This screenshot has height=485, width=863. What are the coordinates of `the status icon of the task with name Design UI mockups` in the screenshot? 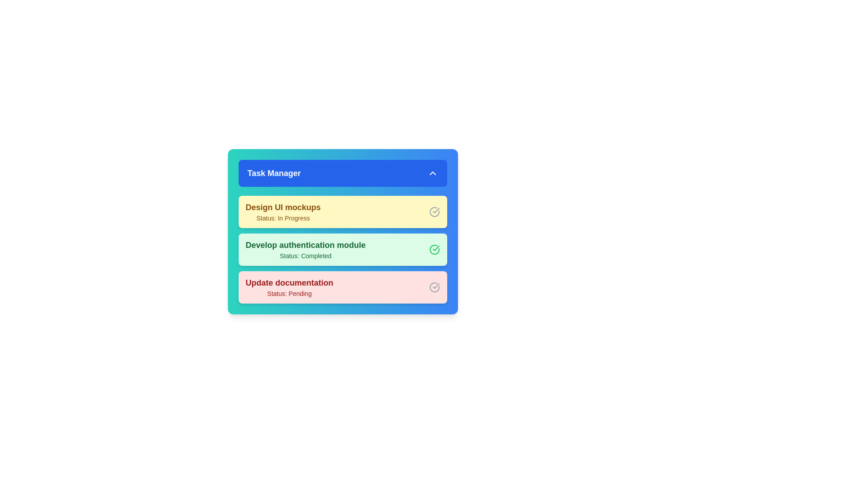 It's located at (434, 212).